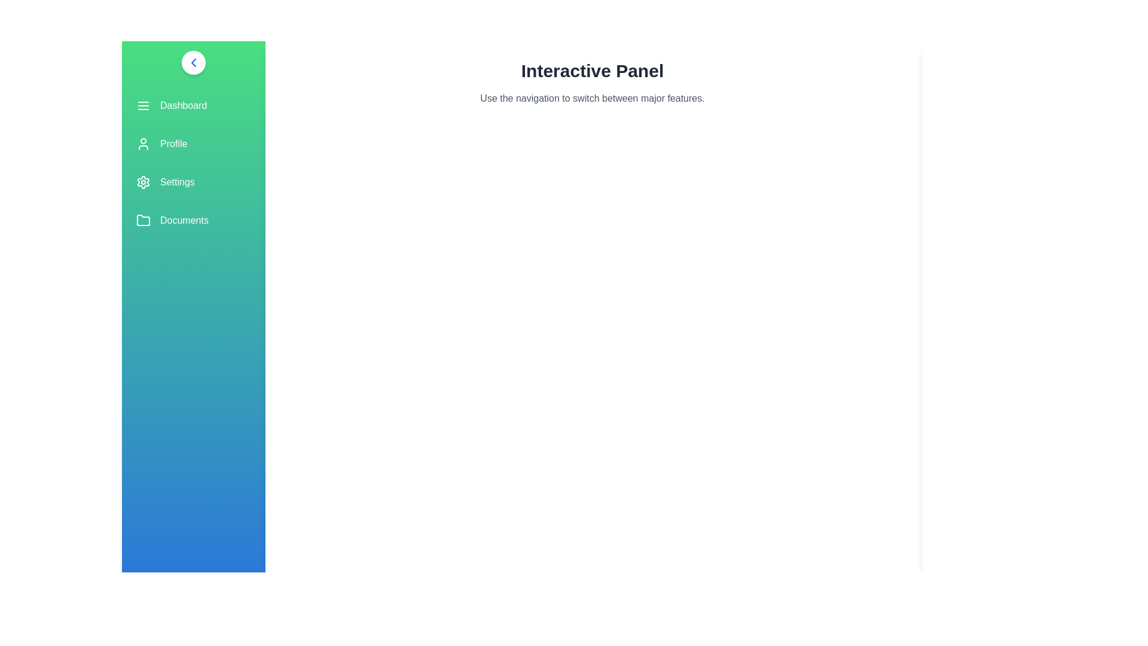 This screenshot has width=1148, height=646. What do you see at coordinates (194, 105) in the screenshot?
I see `the 'Dashboard' menu item in the navigation panel` at bounding box center [194, 105].